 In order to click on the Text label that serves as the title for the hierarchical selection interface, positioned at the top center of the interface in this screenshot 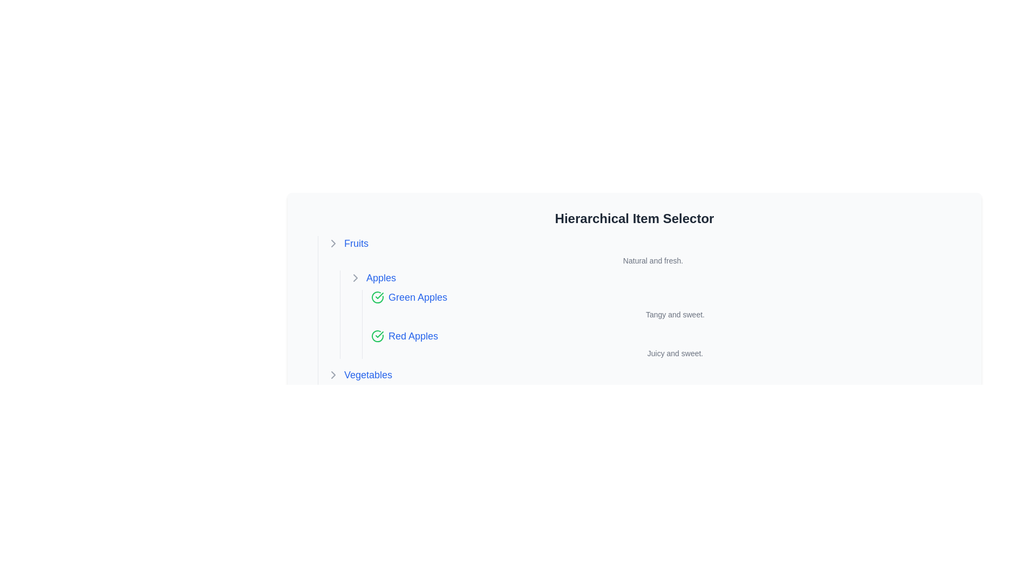, I will do `click(635, 218)`.